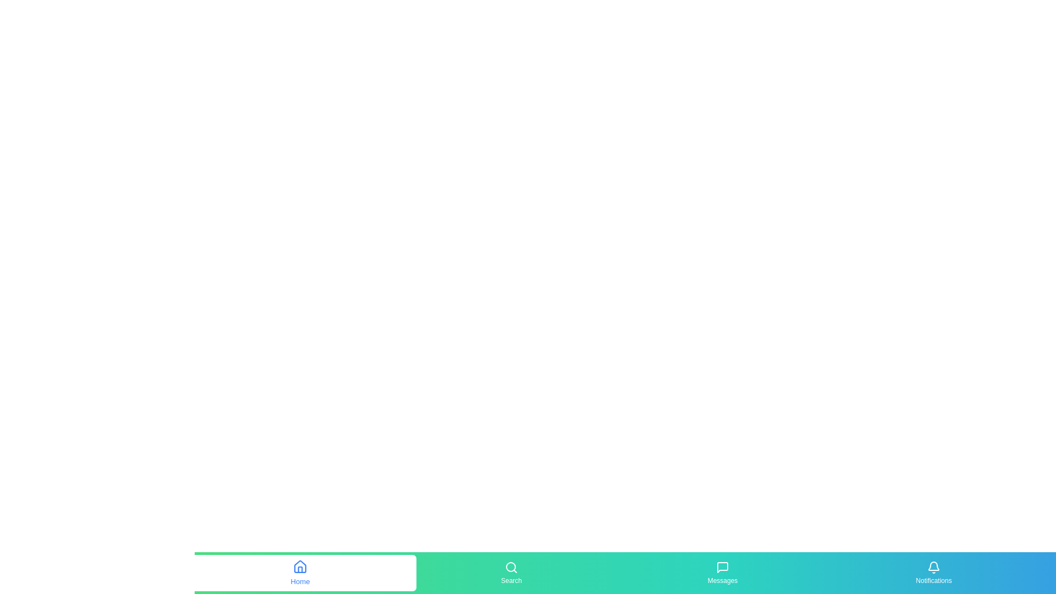  What do you see at coordinates (511, 572) in the screenshot?
I see `the Search button to observe its hover effect` at bounding box center [511, 572].